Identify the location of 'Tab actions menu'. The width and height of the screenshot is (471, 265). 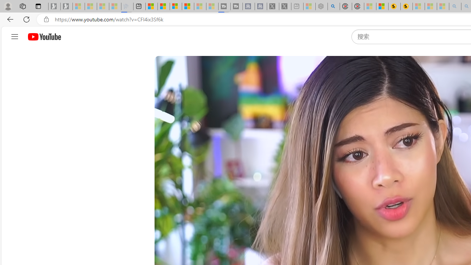
(38, 6).